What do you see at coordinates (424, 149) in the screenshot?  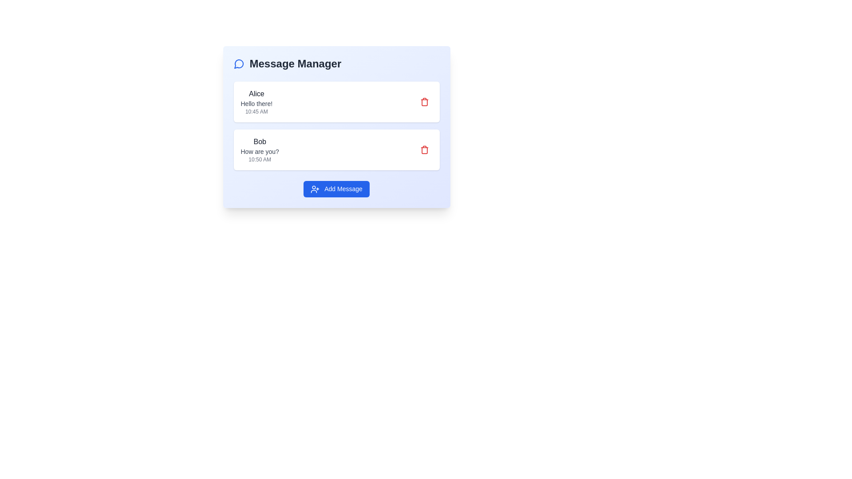 I see `the red trash icon button located in the lower-right corner of the message card containing 'Bob' to trigger its effect` at bounding box center [424, 149].